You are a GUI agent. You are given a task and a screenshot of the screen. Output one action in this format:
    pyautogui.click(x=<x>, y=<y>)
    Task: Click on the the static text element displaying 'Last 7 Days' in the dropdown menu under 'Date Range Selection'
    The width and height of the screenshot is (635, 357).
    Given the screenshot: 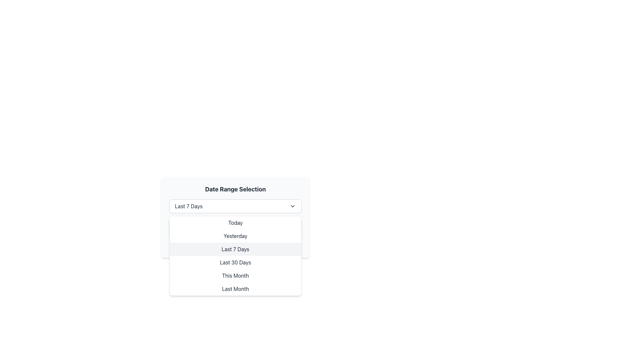 What is the action you would take?
    pyautogui.click(x=188, y=206)
    